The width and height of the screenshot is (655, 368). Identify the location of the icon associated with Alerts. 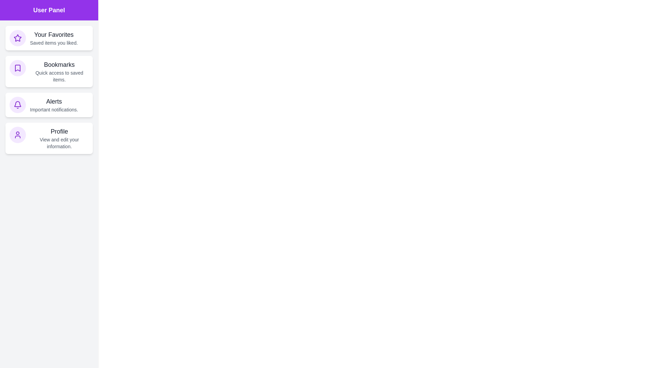
(18, 105).